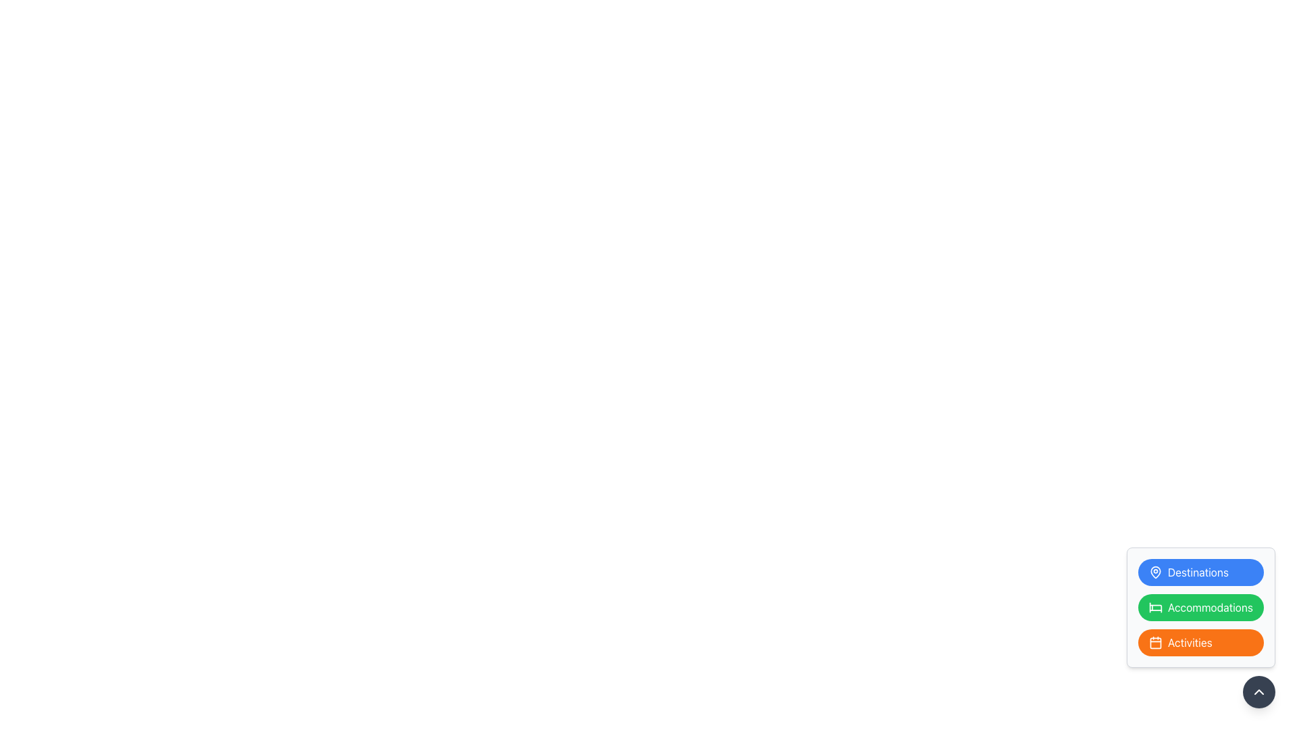  What do you see at coordinates (1154, 606) in the screenshot?
I see `the bed icon located to the left of the 'Accommodations' text label within the green button` at bounding box center [1154, 606].